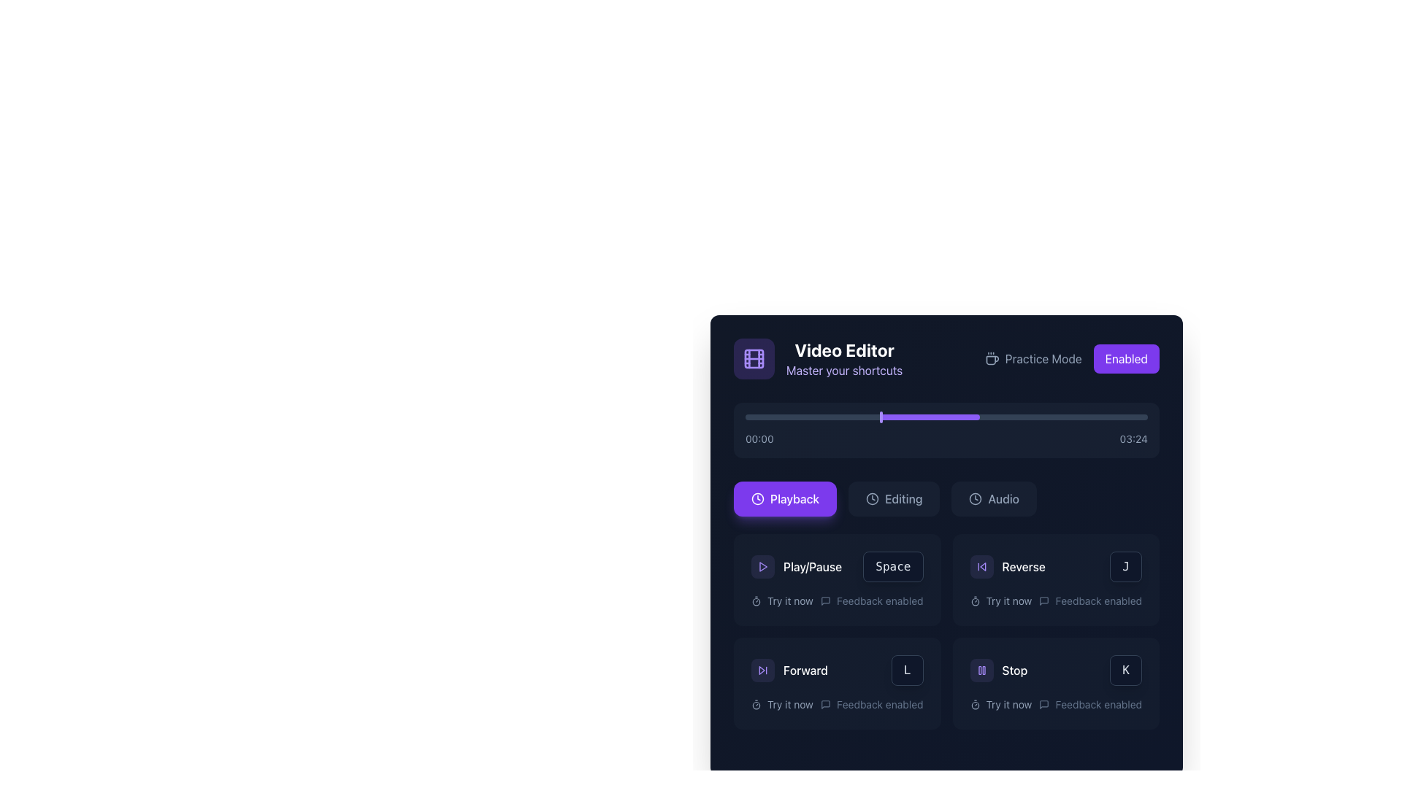 The image size is (1402, 788). Describe the element at coordinates (893, 498) in the screenshot. I see `the 'Editing' button, which is the second button from the left in a group of three buttons` at that location.